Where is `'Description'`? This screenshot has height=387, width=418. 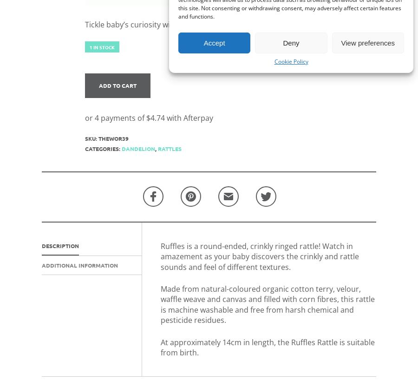
'Description' is located at coordinates (60, 245).